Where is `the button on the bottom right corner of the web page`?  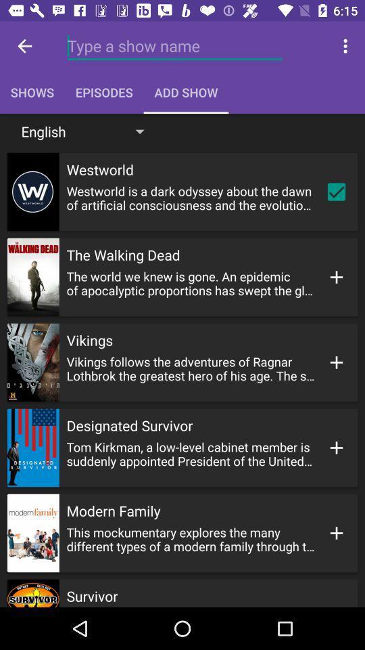 the button on the bottom right corner of the web page is located at coordinates (336, 533).